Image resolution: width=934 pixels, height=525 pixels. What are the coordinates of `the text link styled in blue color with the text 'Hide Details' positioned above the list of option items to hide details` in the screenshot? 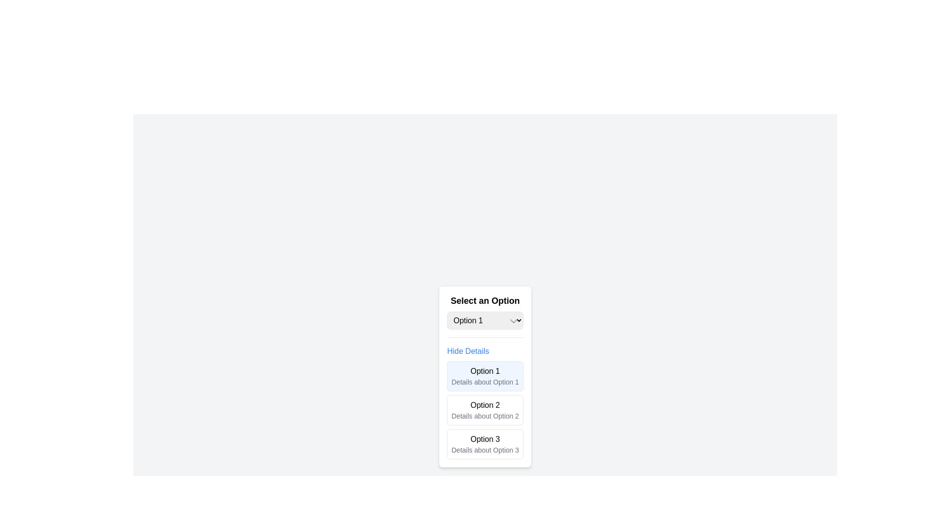 It's located at (467, 351).